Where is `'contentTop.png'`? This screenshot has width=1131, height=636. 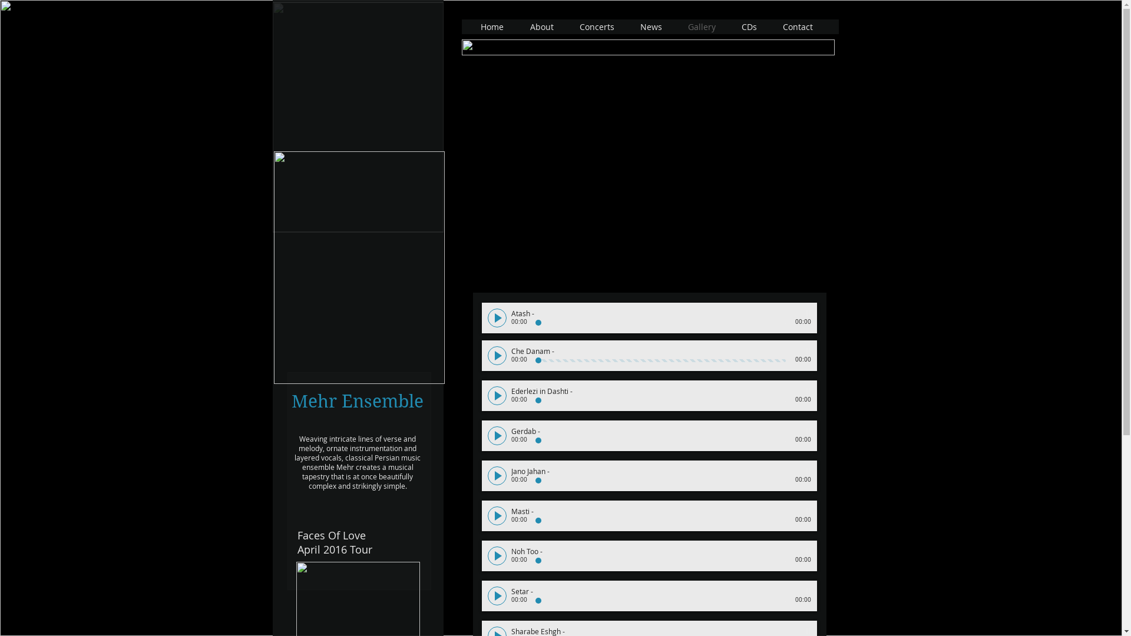
'contentTop.png' is located at coordinates (647, 47).